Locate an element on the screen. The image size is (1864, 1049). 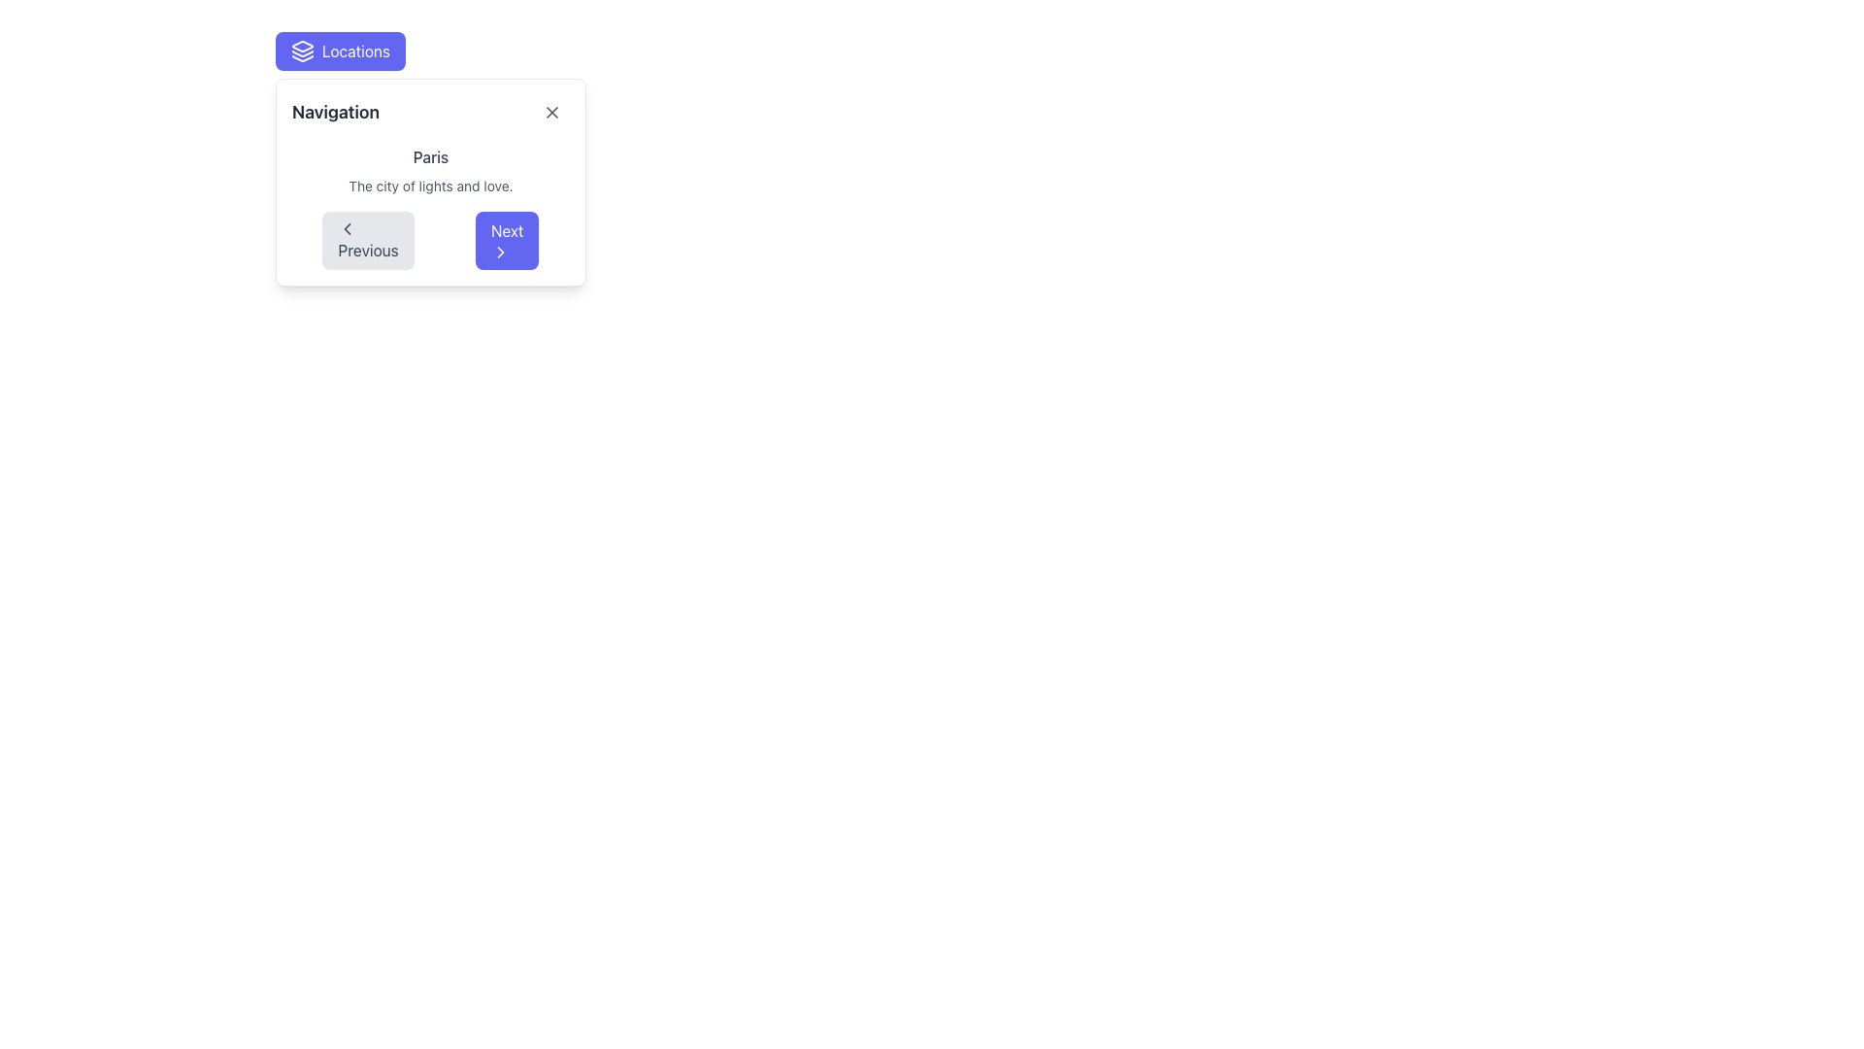
the 'Previous' button which contains a leftward chevron arrow within the SVG graphic is located at coordinates (348, 227).